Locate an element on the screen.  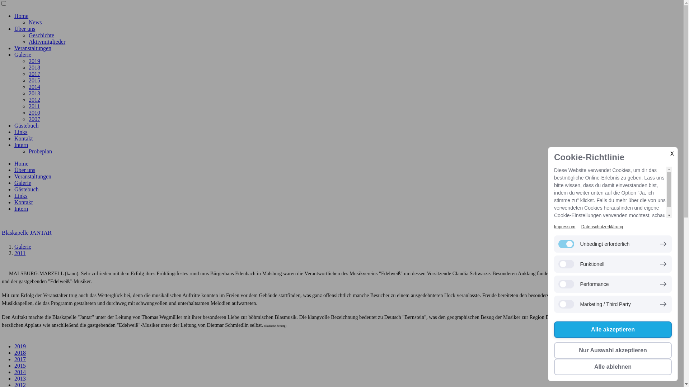
'2013' is located at coordinates (20, 378).